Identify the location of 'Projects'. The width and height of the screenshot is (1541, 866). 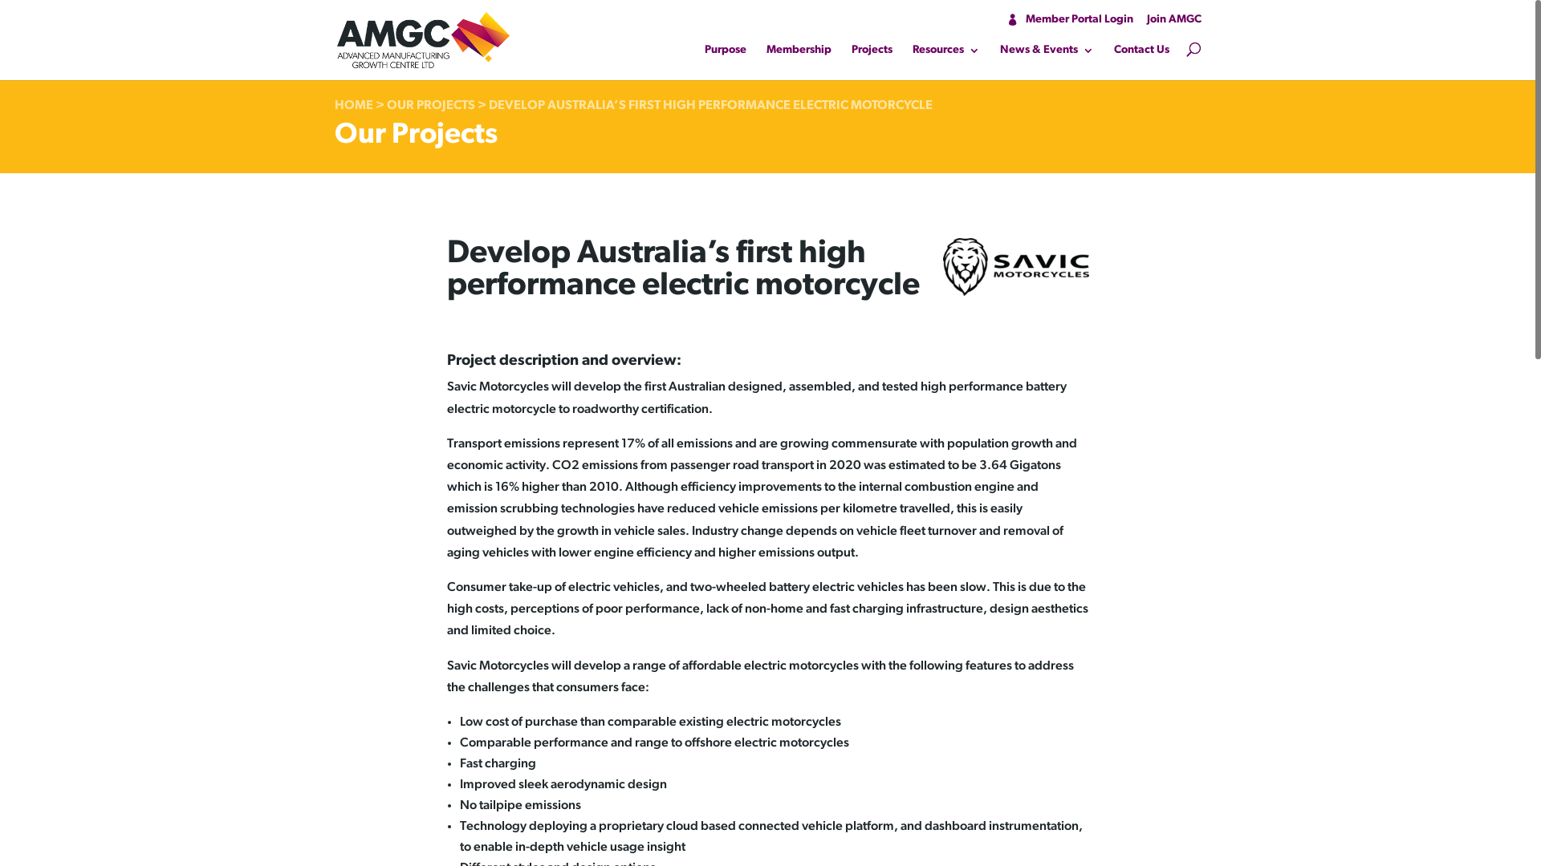
(870, 53).